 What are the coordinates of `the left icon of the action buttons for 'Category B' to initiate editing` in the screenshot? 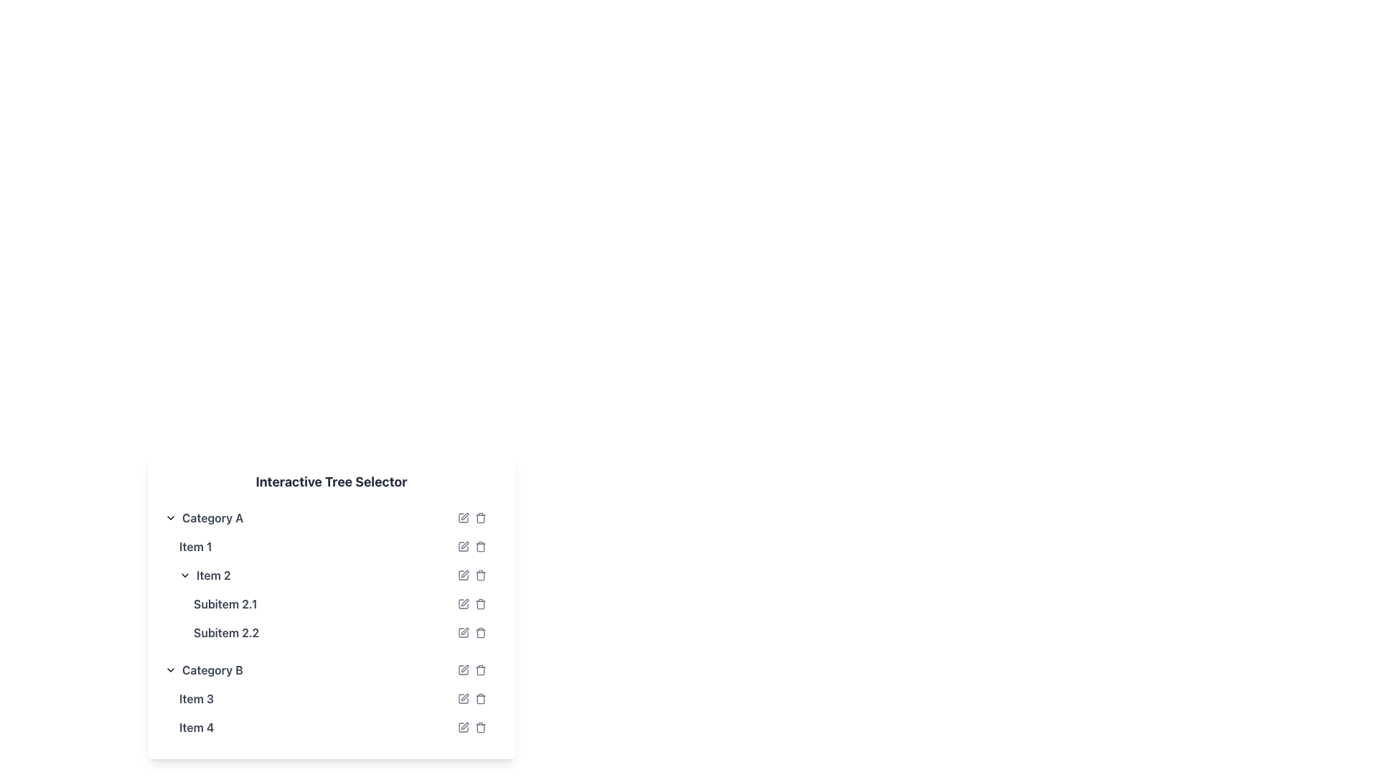 It's located at (472, 670).